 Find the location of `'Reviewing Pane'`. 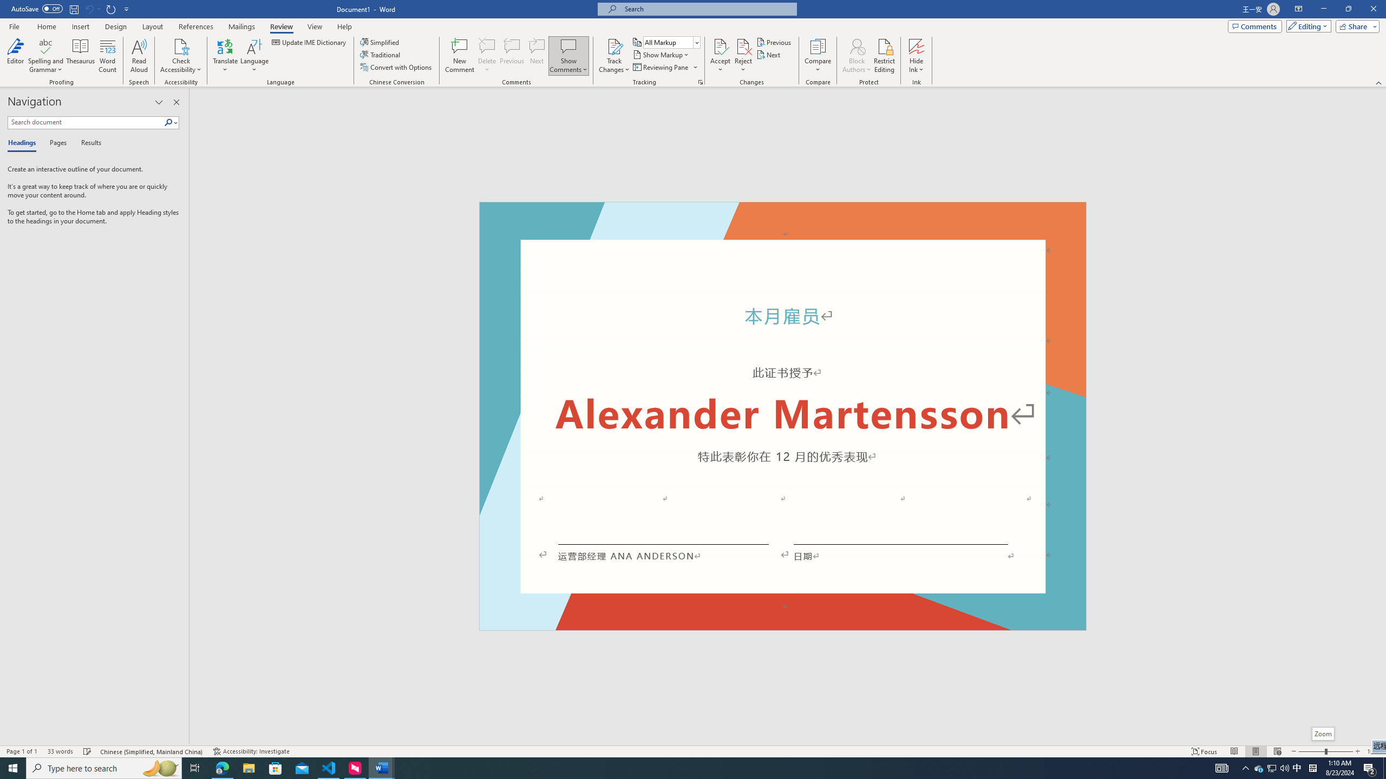

'Reviewing Pane' is located at coordinates (664, 66).